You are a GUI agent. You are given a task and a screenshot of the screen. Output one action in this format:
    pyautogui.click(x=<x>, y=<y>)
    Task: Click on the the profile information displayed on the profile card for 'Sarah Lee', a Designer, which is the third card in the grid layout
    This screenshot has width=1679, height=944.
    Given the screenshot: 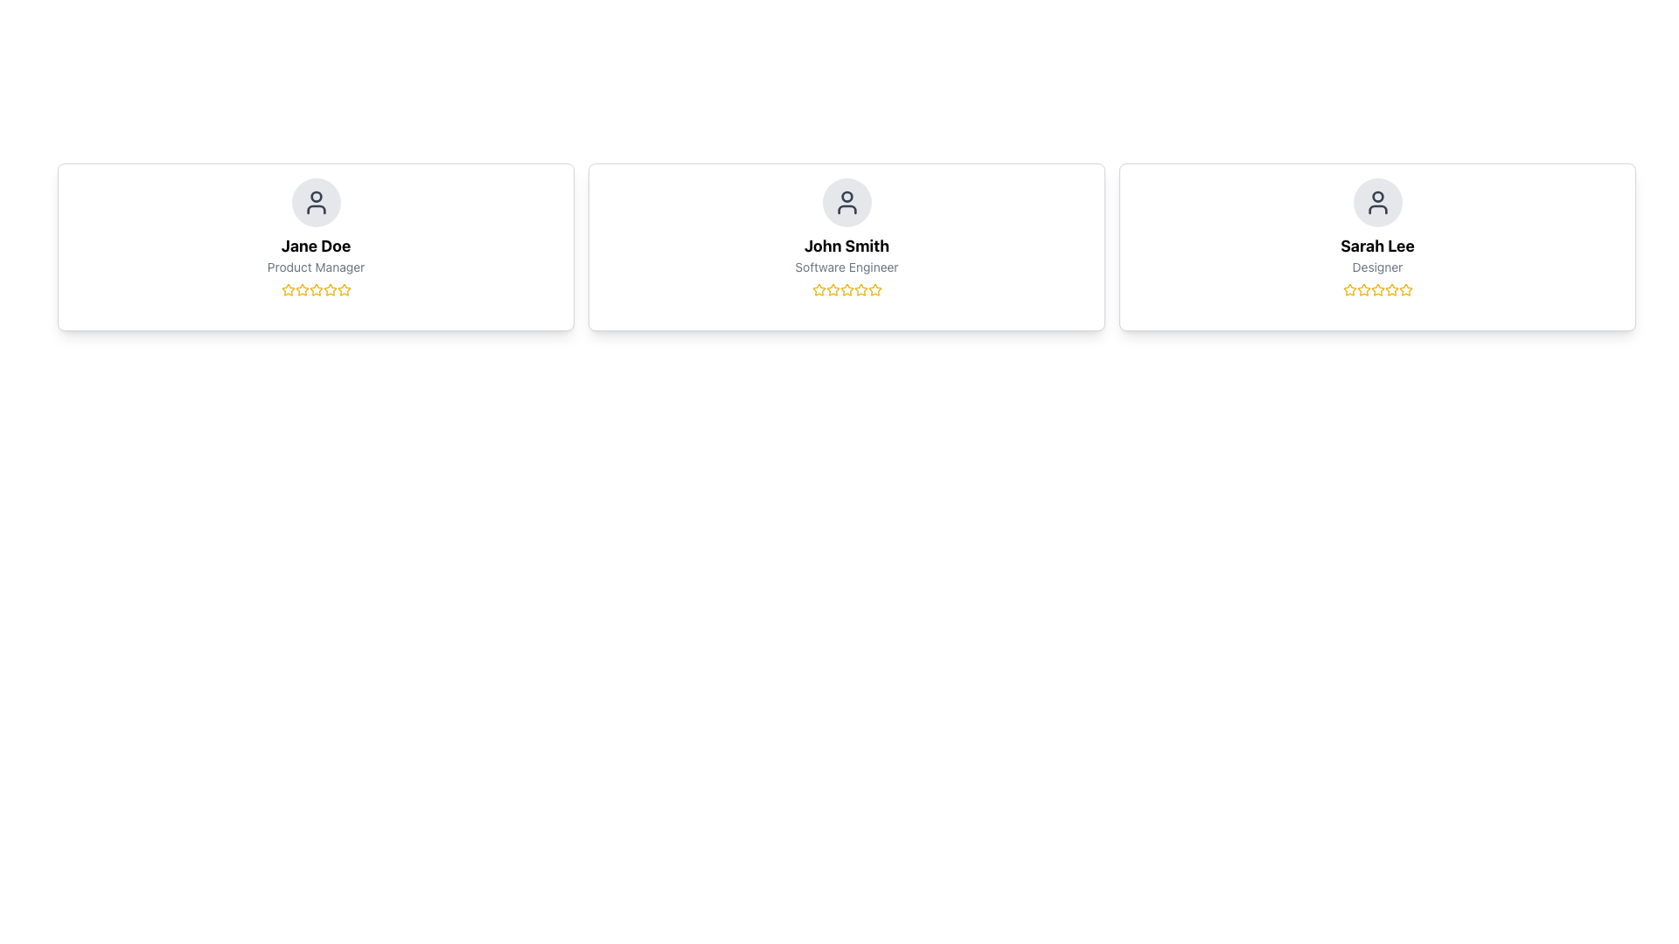 What is the action you would take?
    pyautogui.click(x=1376, y=246)
    